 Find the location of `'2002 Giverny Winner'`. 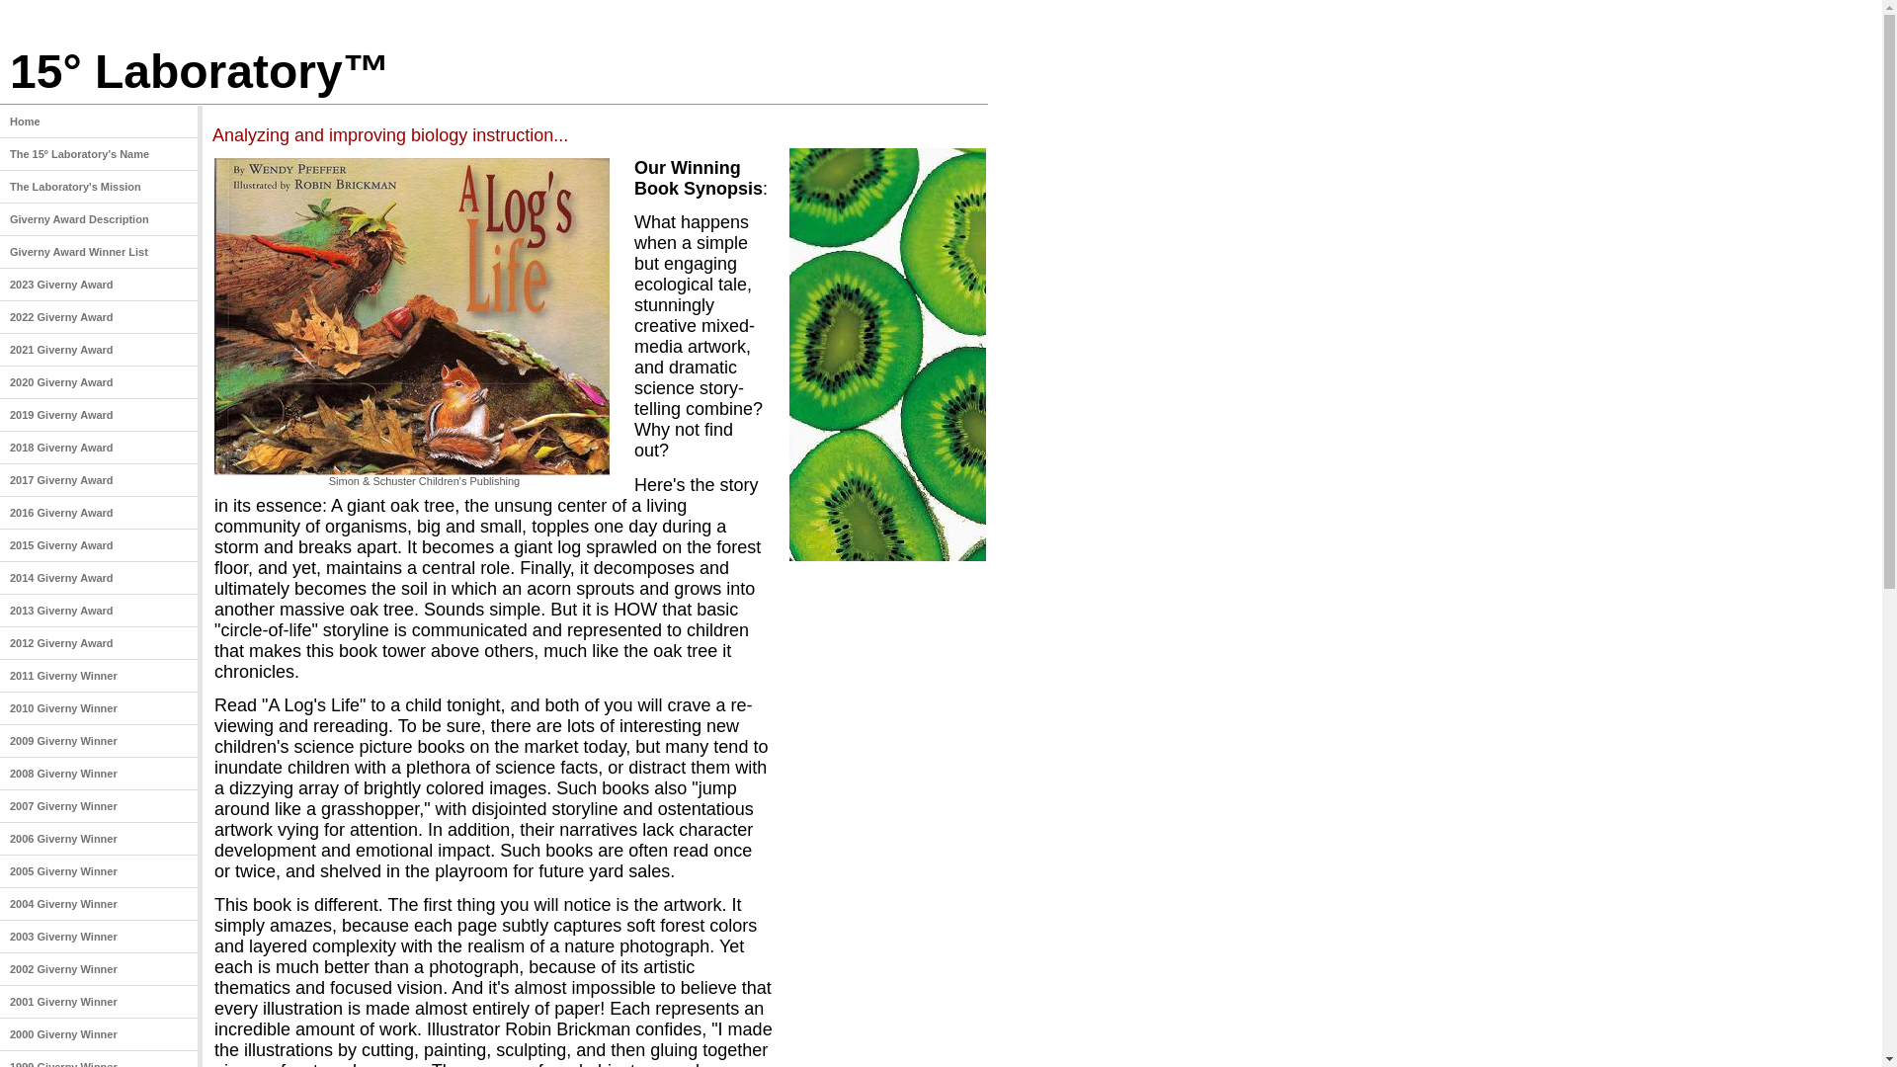

'2002 Giverny Winner' is located at coordinates (0, 968).